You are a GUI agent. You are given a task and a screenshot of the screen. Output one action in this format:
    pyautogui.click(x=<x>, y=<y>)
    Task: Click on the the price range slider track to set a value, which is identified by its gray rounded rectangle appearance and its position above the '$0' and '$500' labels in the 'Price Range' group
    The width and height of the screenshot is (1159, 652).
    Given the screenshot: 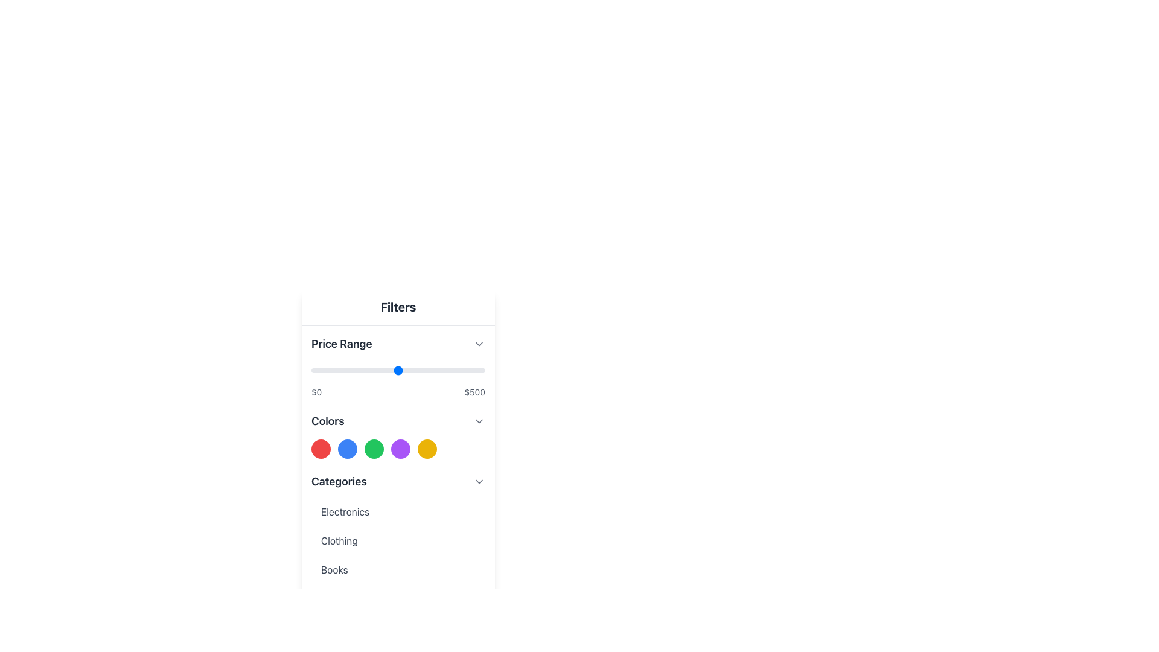 What is the action you would take?
    pyautogui.click(x=398, y=369)
    